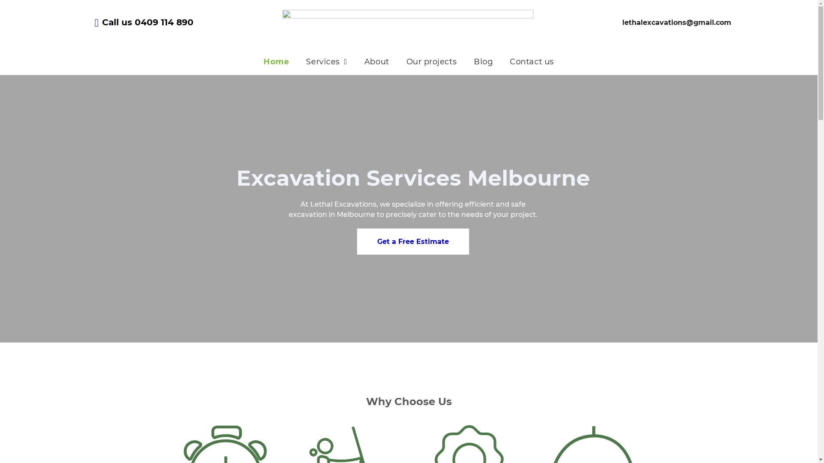  What do you see at coordinates (431, 61) in the screenshot?
I see `'Our projects'` at bounding box center [431, 61].